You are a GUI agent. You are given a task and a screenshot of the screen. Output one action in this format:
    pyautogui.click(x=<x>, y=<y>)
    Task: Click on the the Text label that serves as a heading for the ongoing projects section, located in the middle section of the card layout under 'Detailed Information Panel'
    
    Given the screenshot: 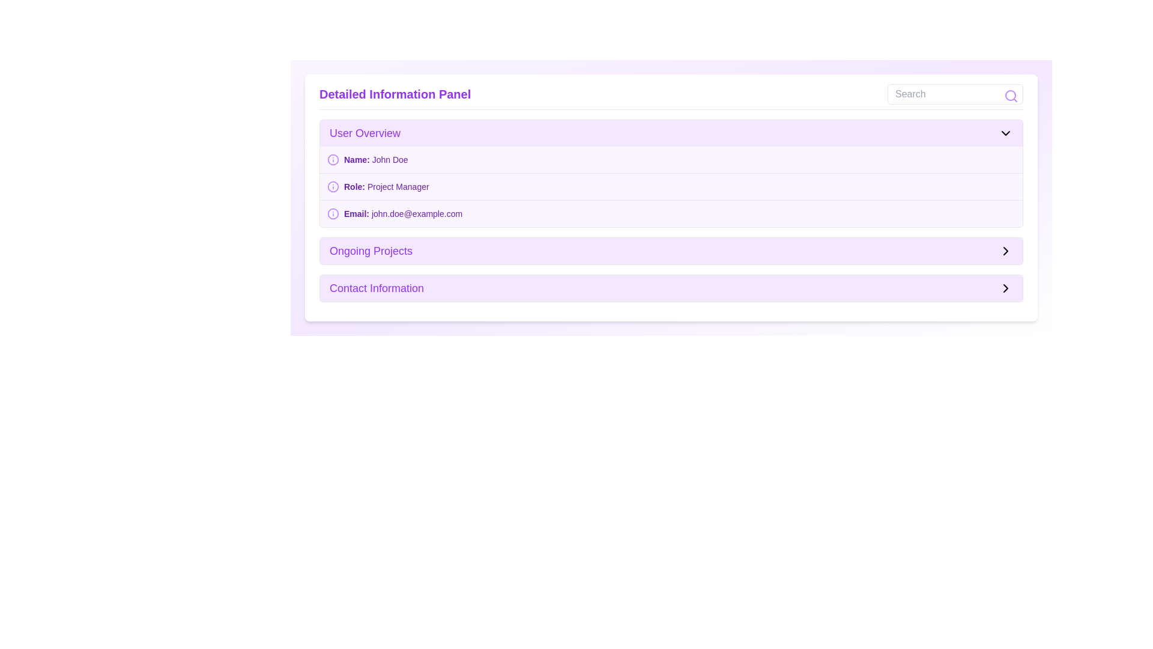 What is the action you would take?
    pyautogui.click(x=371, y=250)
    